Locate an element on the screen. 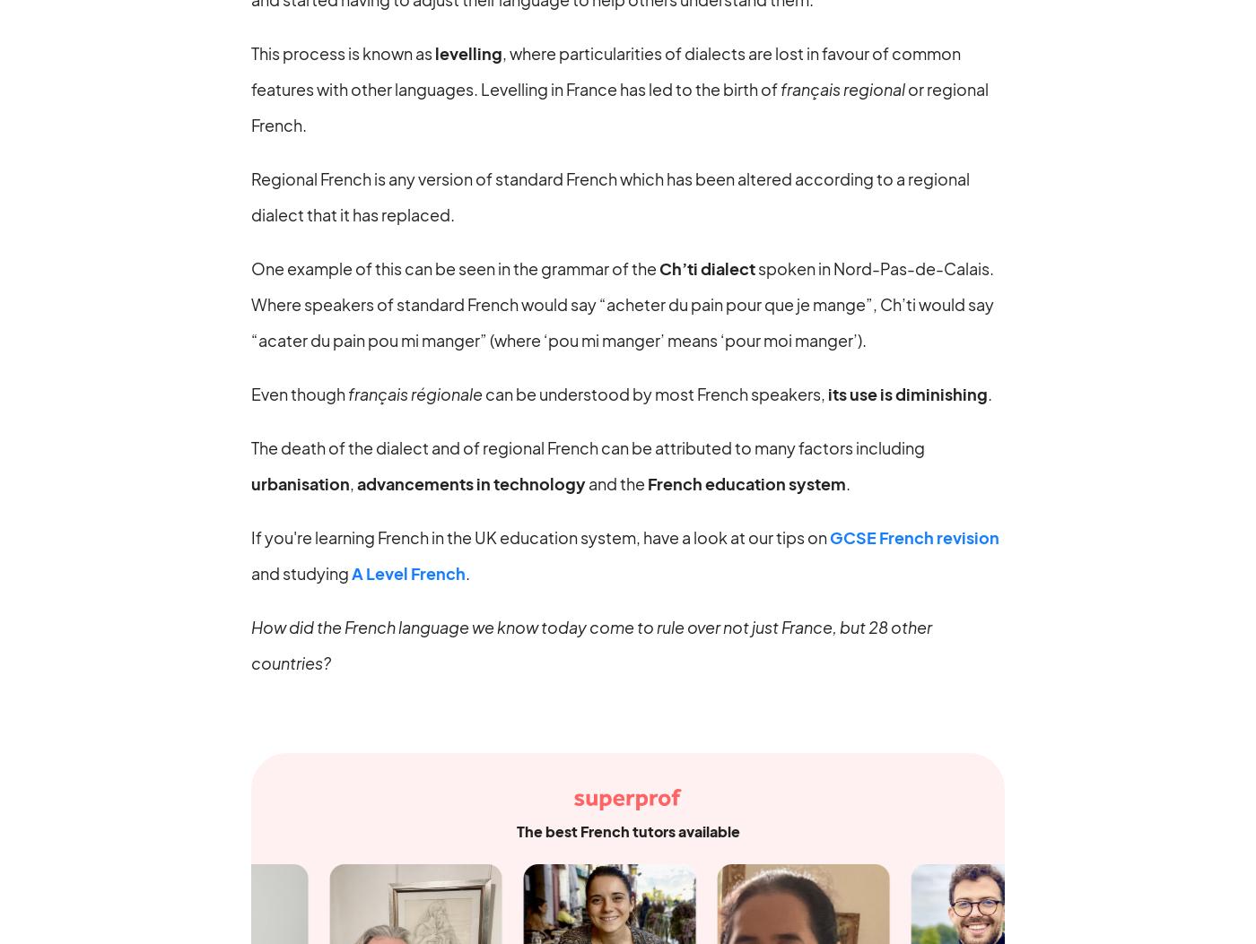  'or regional French.' is located at coordinates (251, 106).